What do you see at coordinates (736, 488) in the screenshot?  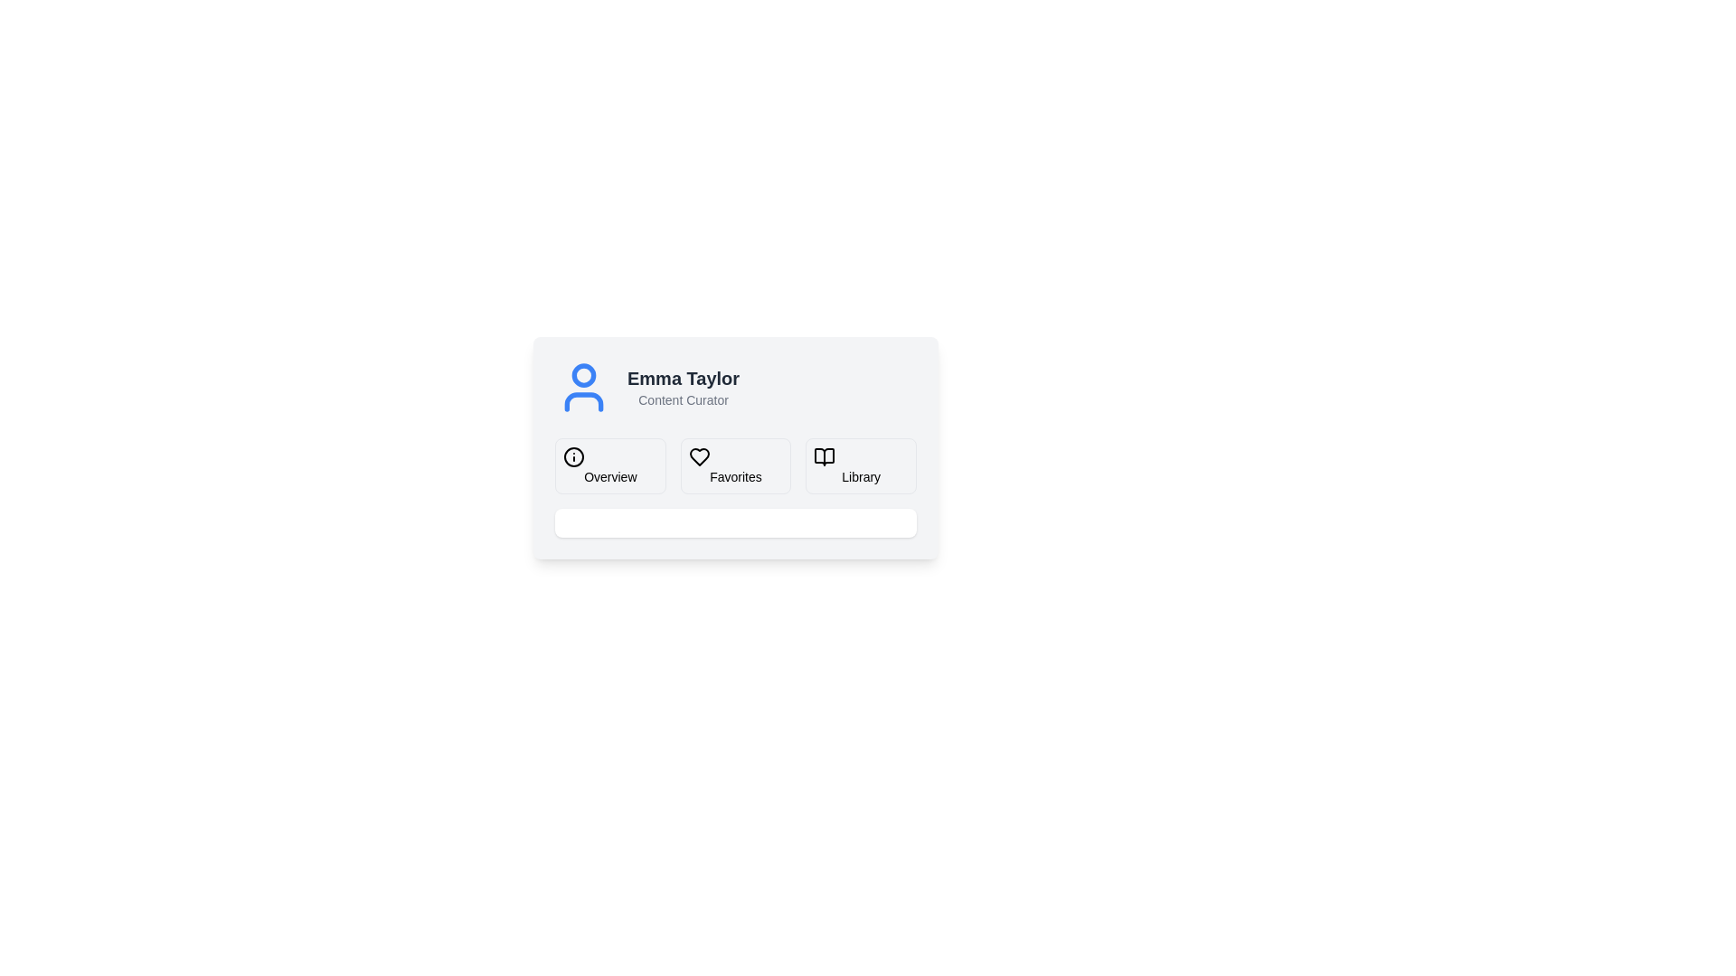 I see `the 'Favorites' button, which is a rectangular button with a heart icon and the label 'Favorites', located in the middle of a three-item horizontal navigation bar beneath the profile section` at bounding box center [736, 488].